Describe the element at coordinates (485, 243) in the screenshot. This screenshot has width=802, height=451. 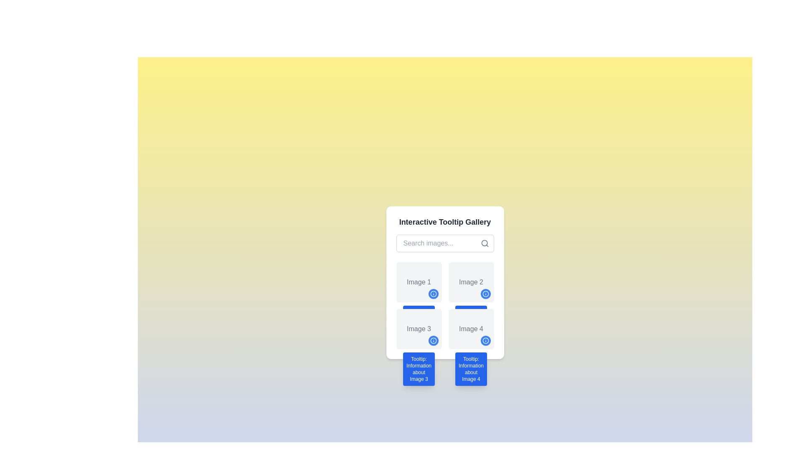
I see `the search icon located near the right edge of the search input bar in the 'Interactive Tooltip Gallery' to invoke a search action` at that location.